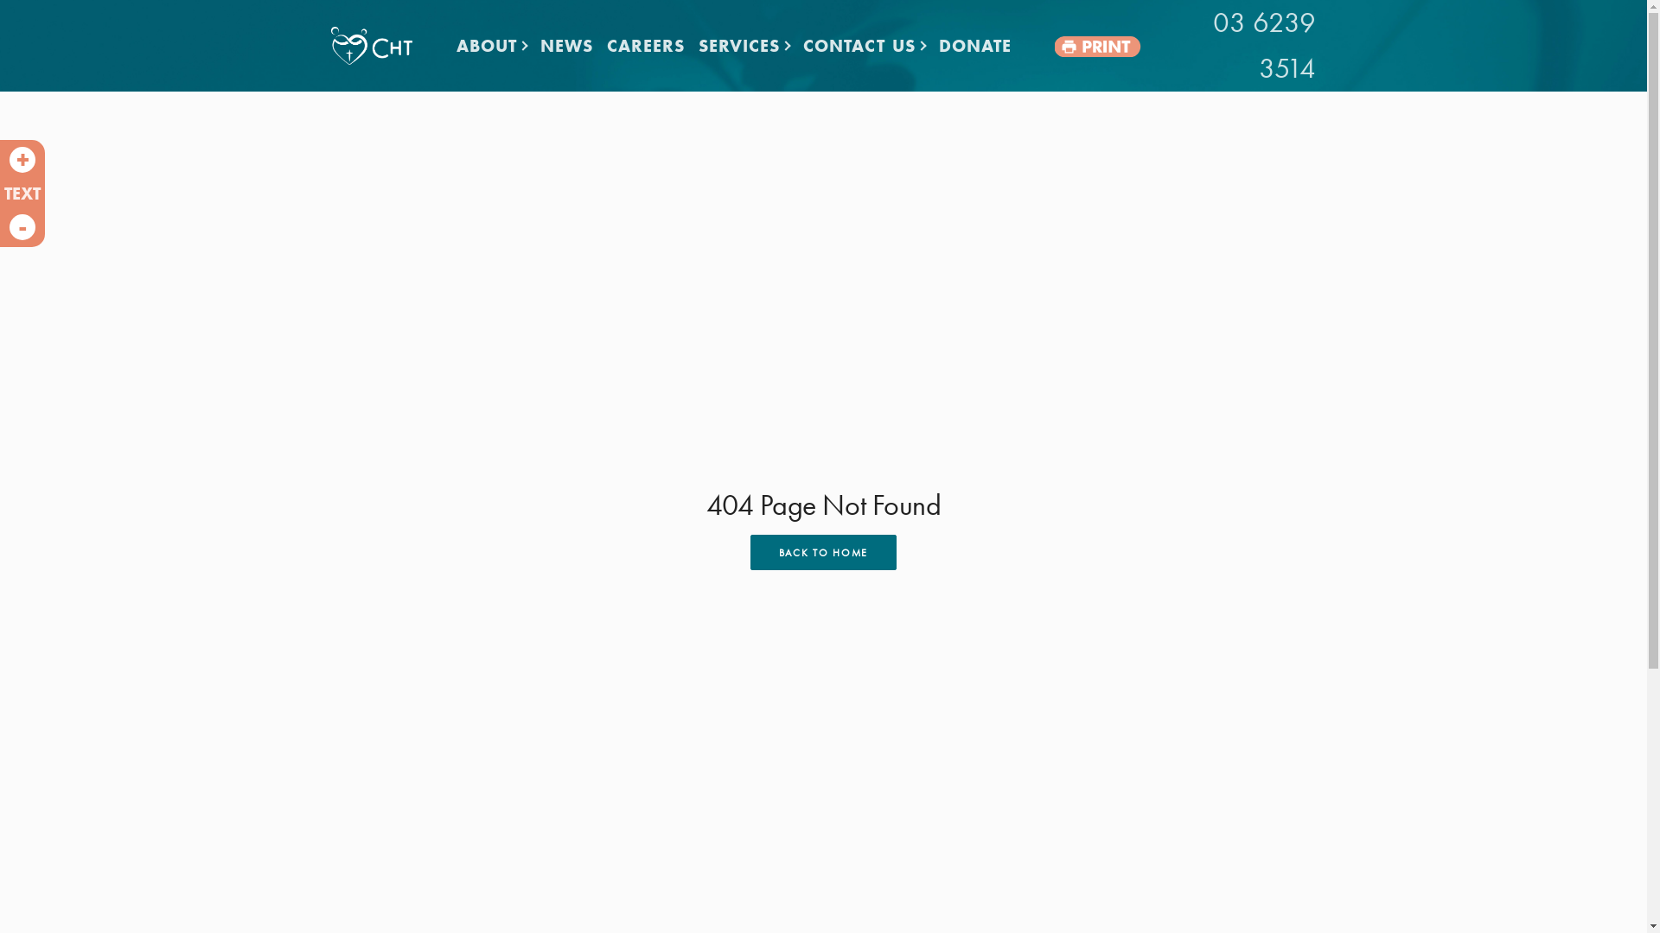 This screenshot has height=933, width=1660. I want to click on 'DONATE', so click(975, 45).